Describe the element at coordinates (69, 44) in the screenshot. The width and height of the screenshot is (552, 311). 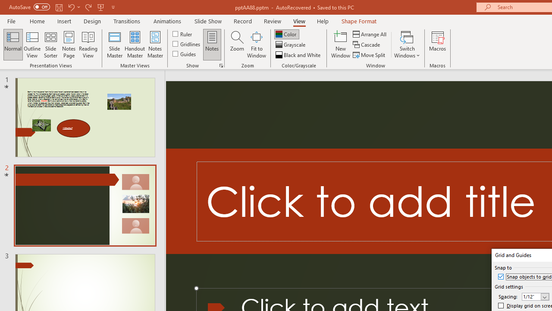
I see `'Notes Page'` at that location.